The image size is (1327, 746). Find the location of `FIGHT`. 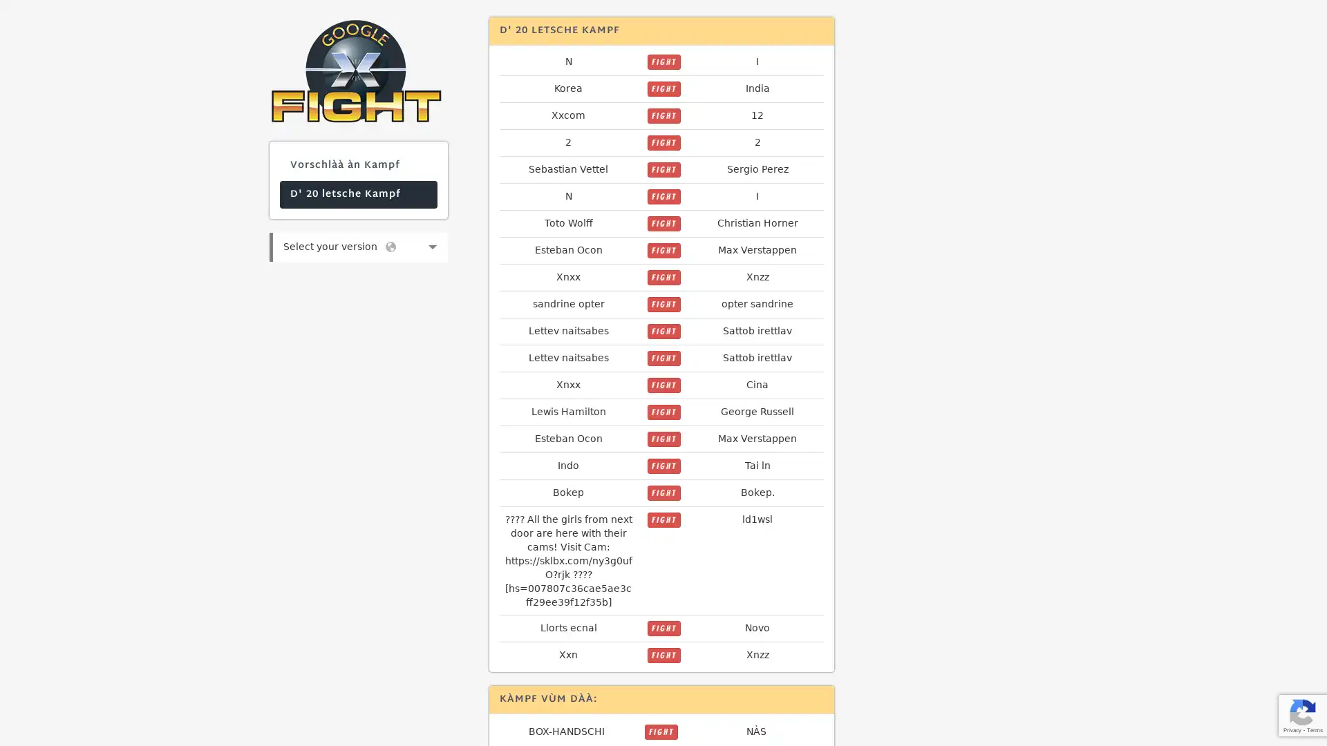

FIGHT is located at coordinates (663, 492).